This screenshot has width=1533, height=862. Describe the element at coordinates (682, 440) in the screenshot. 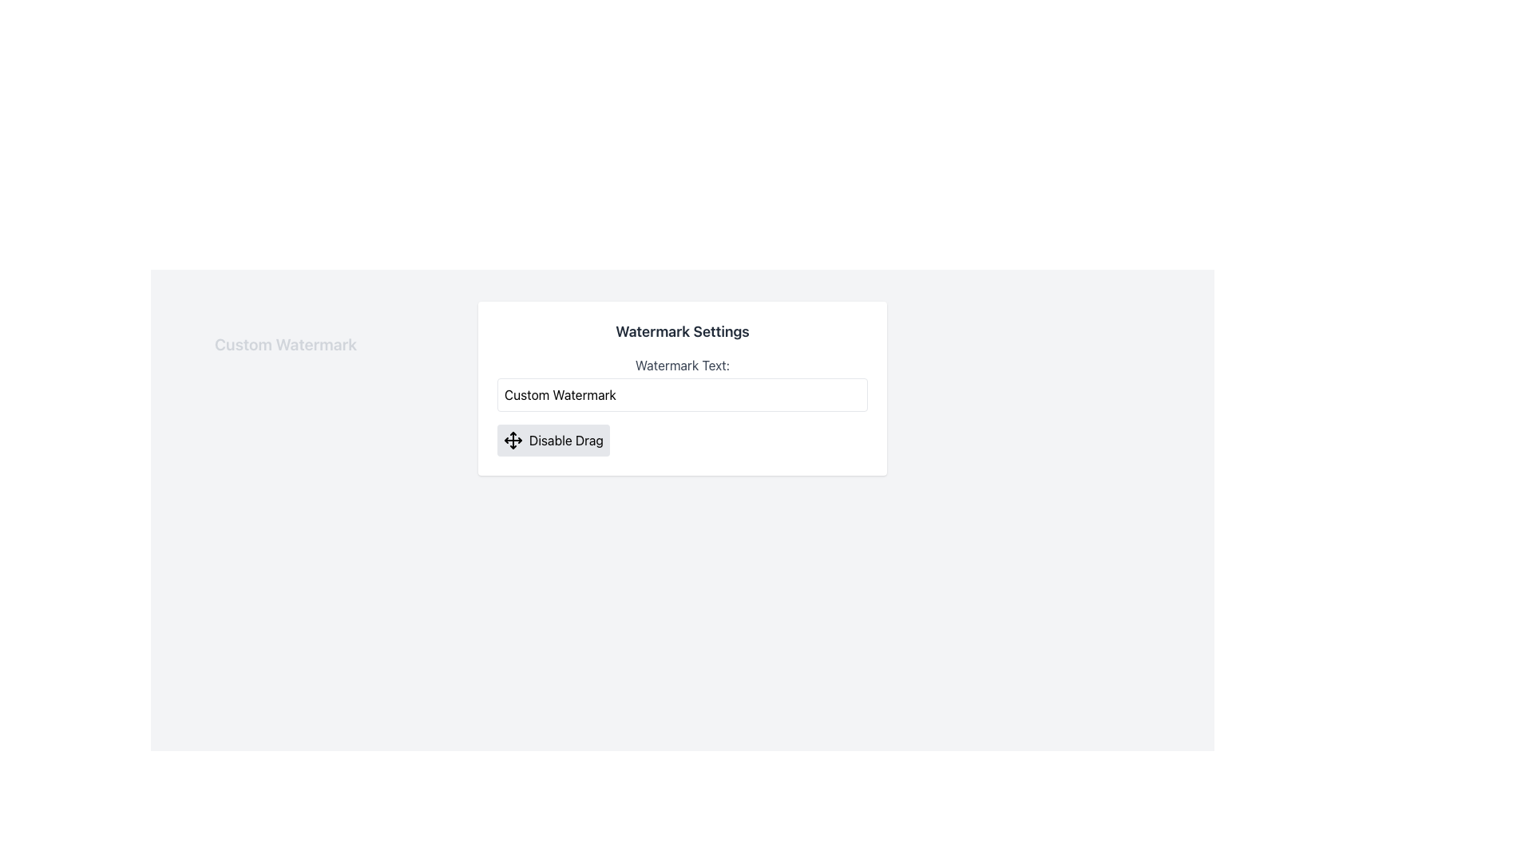

I see `the toggle control for disabling or toggling drag functionality in the 'Watermark Settings' panel` at that location.